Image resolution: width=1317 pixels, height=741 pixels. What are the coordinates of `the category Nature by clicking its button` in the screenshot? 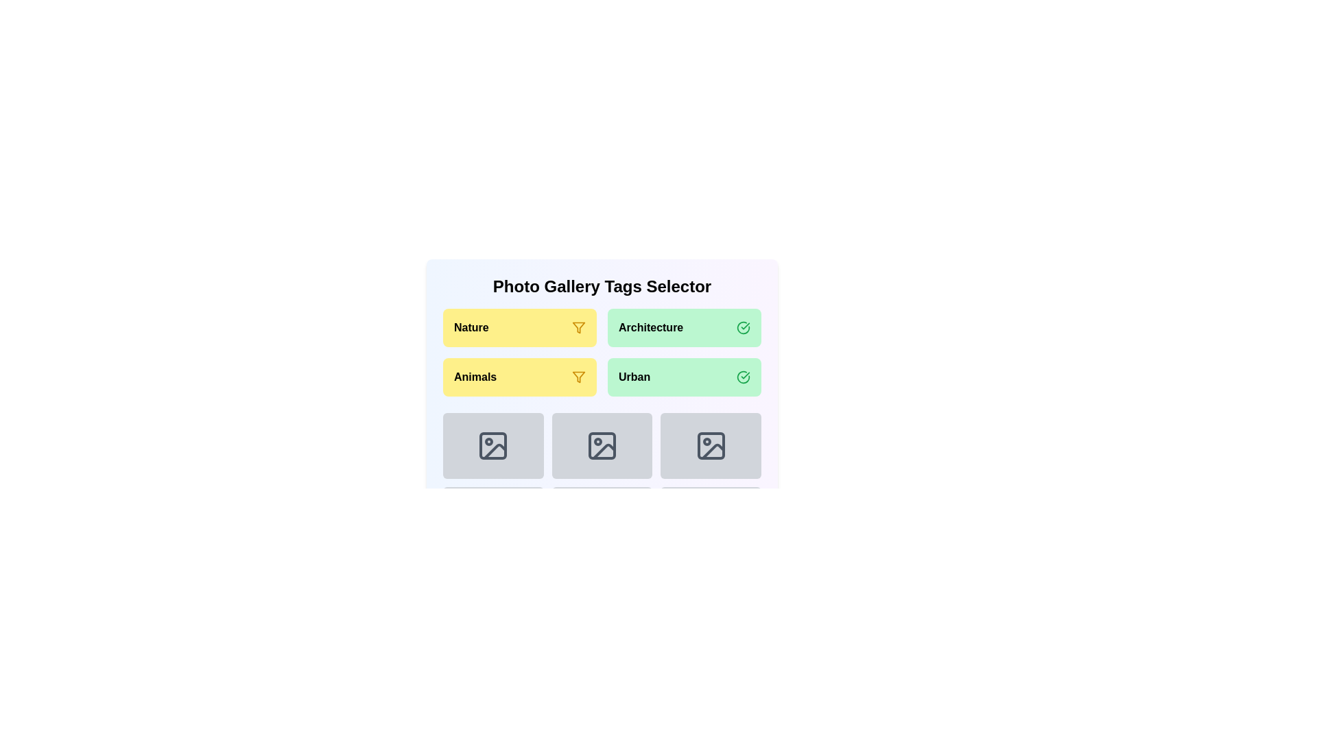 It's located at (519, 328).